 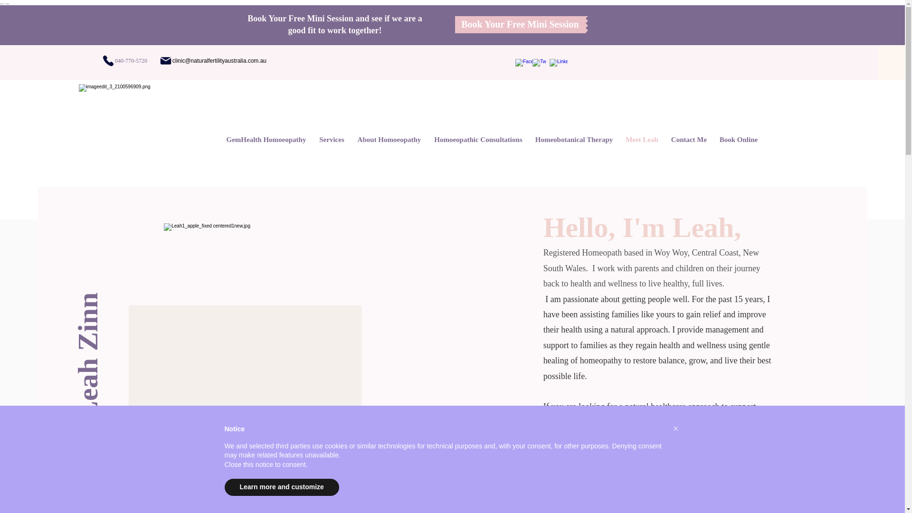 What do you see at coordinates (642, 139) in the screenshot?
I see `'Meet Leah'` at bounding box center [642, 139].